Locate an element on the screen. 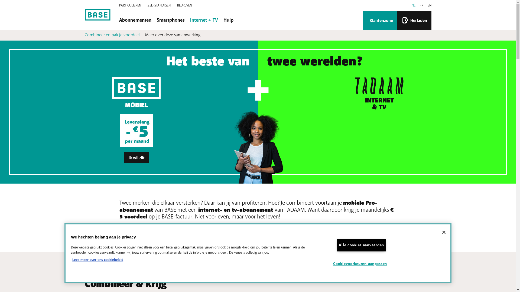 The width and height of the screenshot is (520, 292). 'Alle cookies aanvaarden' is located at coordinates (361, 245).